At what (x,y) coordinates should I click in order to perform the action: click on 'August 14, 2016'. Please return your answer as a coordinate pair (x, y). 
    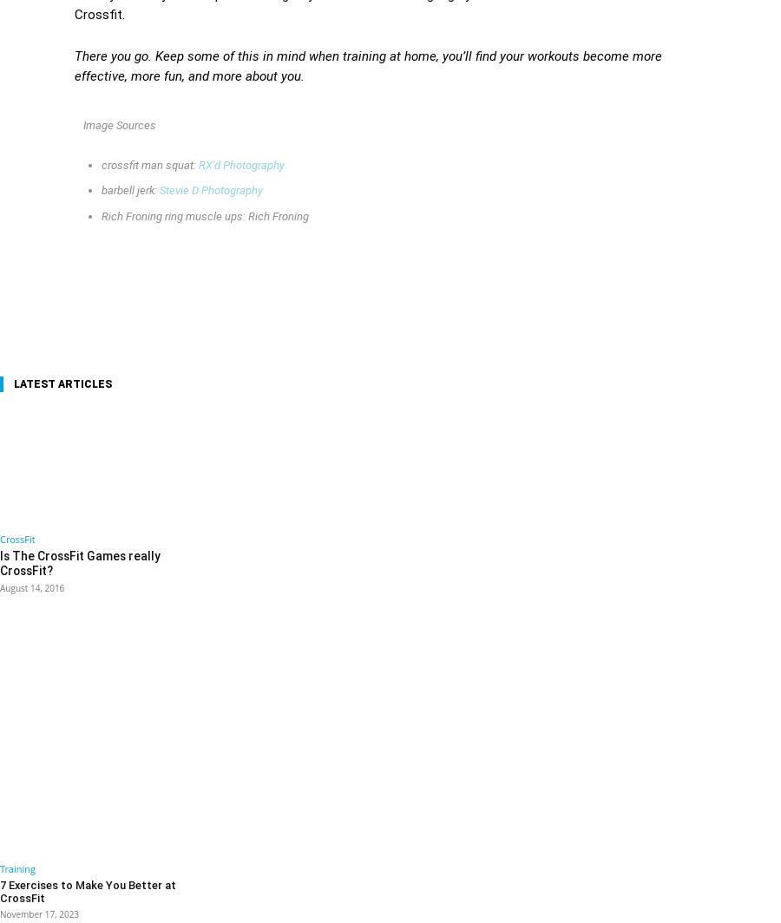
    Looking at the image, I should click on (30, 586).